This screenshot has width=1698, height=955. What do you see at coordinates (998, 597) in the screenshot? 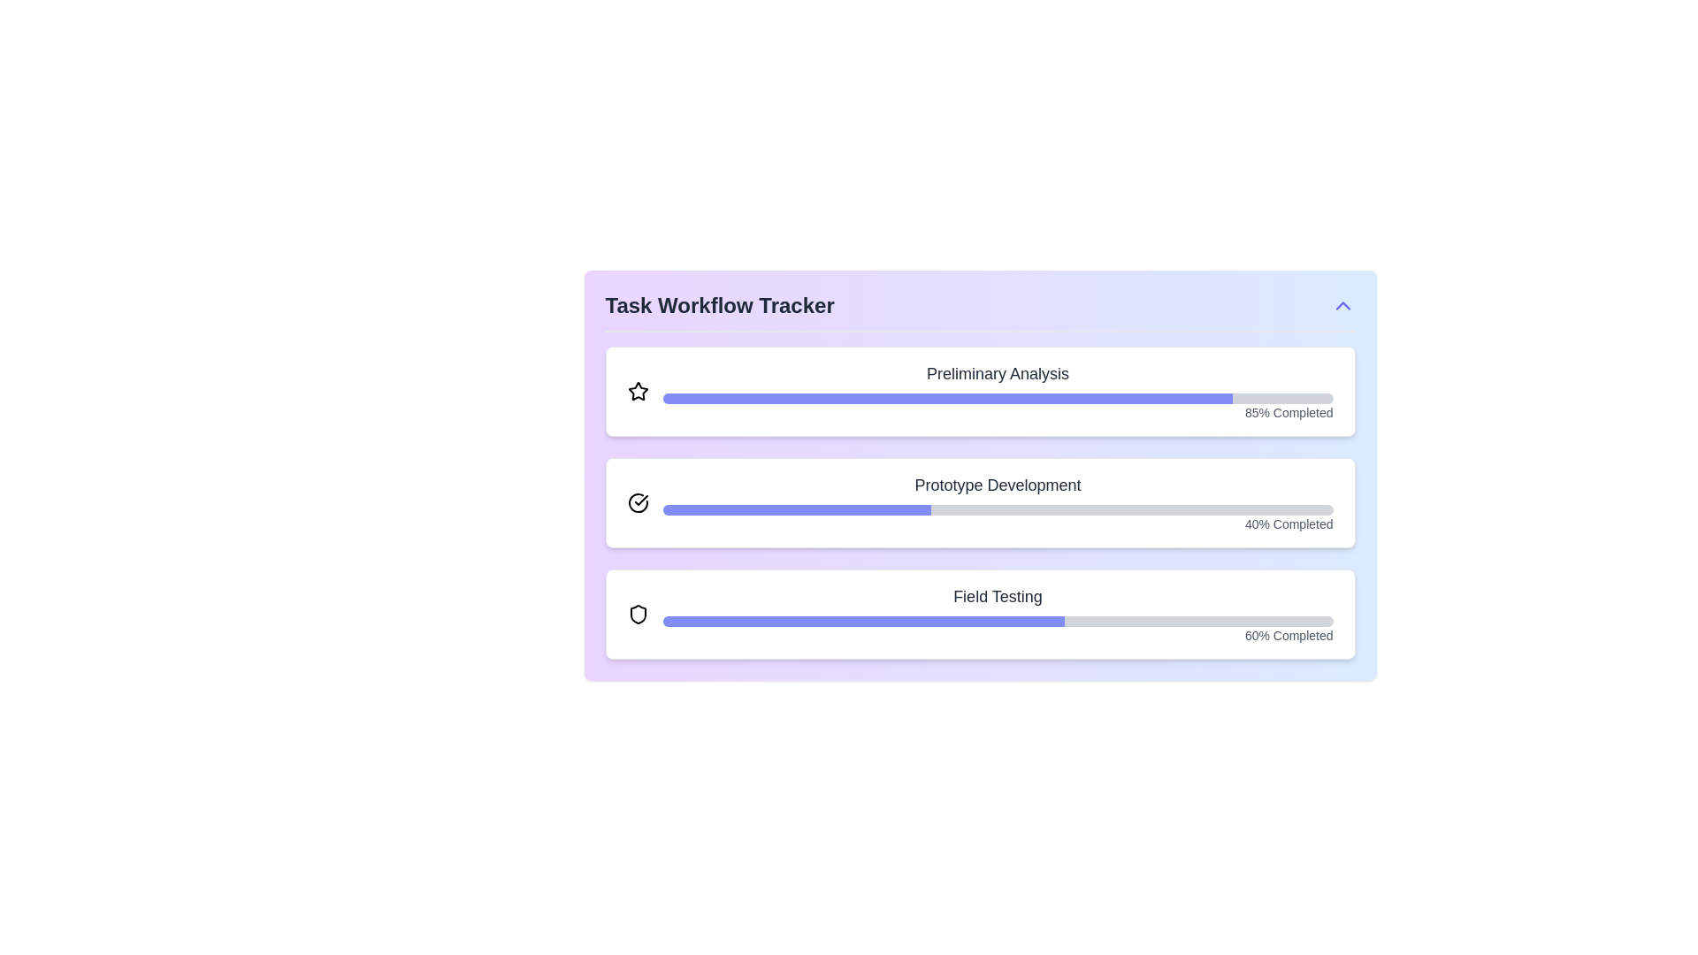
I see `the 'Field Testing' text display, which is styled in dark gray and serves as a header above the progress bar` at bounding box center [998, 597].